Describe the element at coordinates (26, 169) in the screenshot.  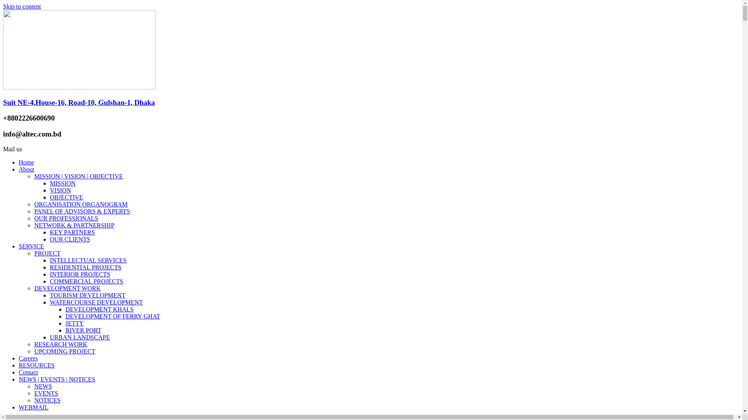
I see `'About'` at that location.